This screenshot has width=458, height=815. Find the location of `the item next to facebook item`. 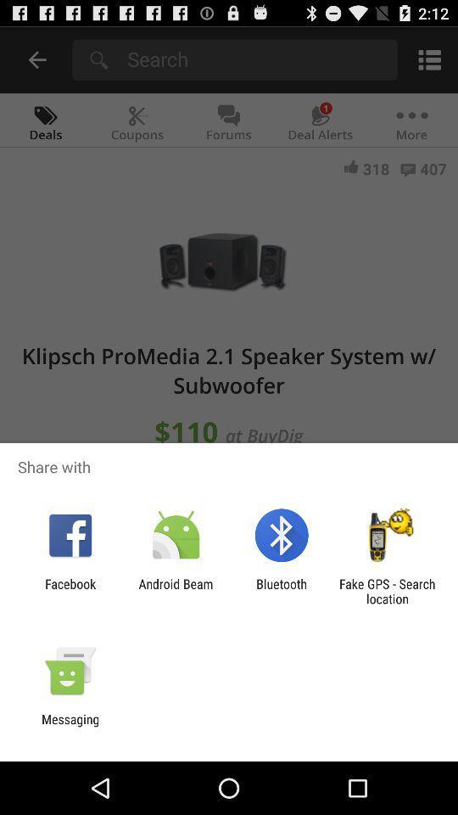

the item next to facebook item is located at coordinates (175, 591).